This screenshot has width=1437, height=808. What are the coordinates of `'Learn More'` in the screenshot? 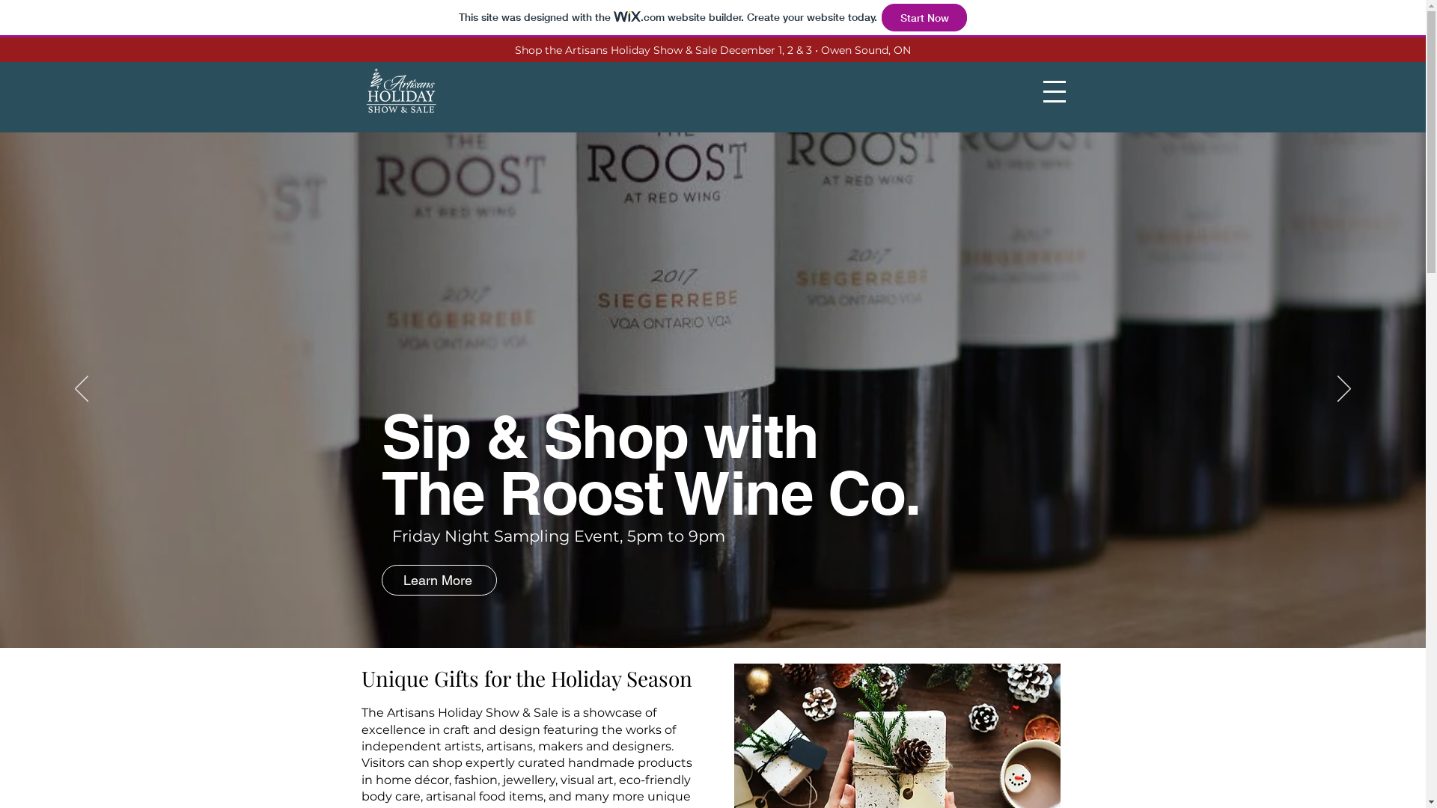 It's located at (438, 579).